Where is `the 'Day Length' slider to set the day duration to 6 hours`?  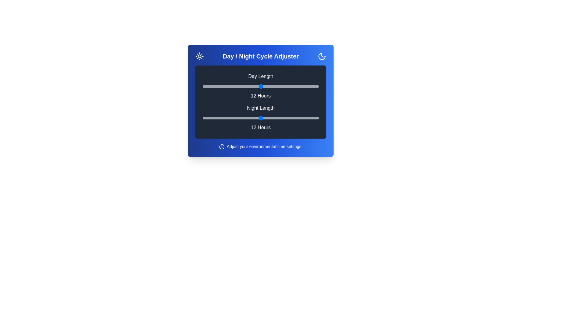 the 'Day Length' slider to set the day duration to 6 hours is located at coordinates (202, 87).